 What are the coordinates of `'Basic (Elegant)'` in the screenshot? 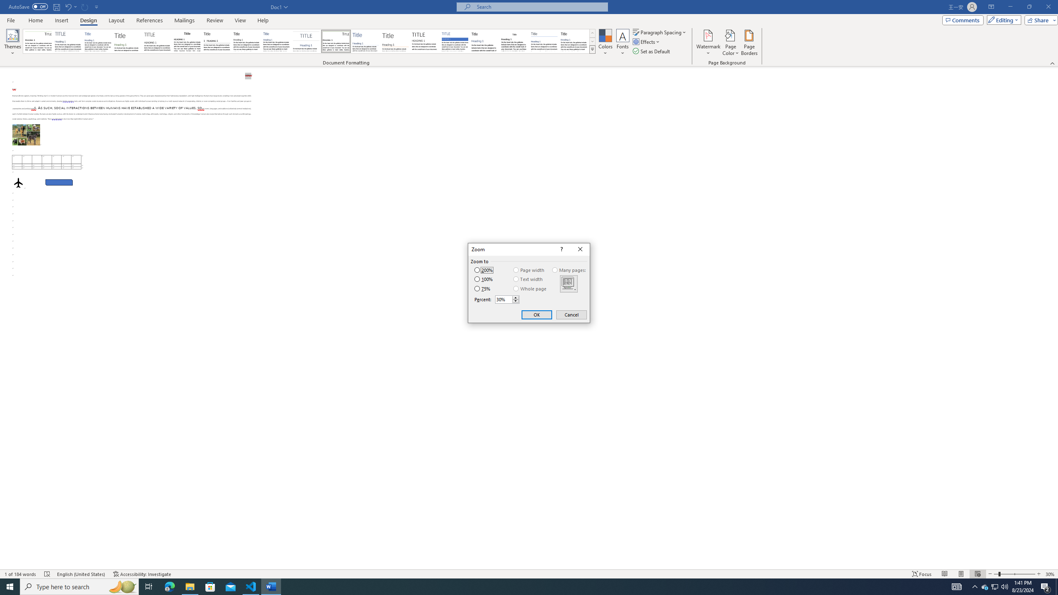 It's located at (68, 41).